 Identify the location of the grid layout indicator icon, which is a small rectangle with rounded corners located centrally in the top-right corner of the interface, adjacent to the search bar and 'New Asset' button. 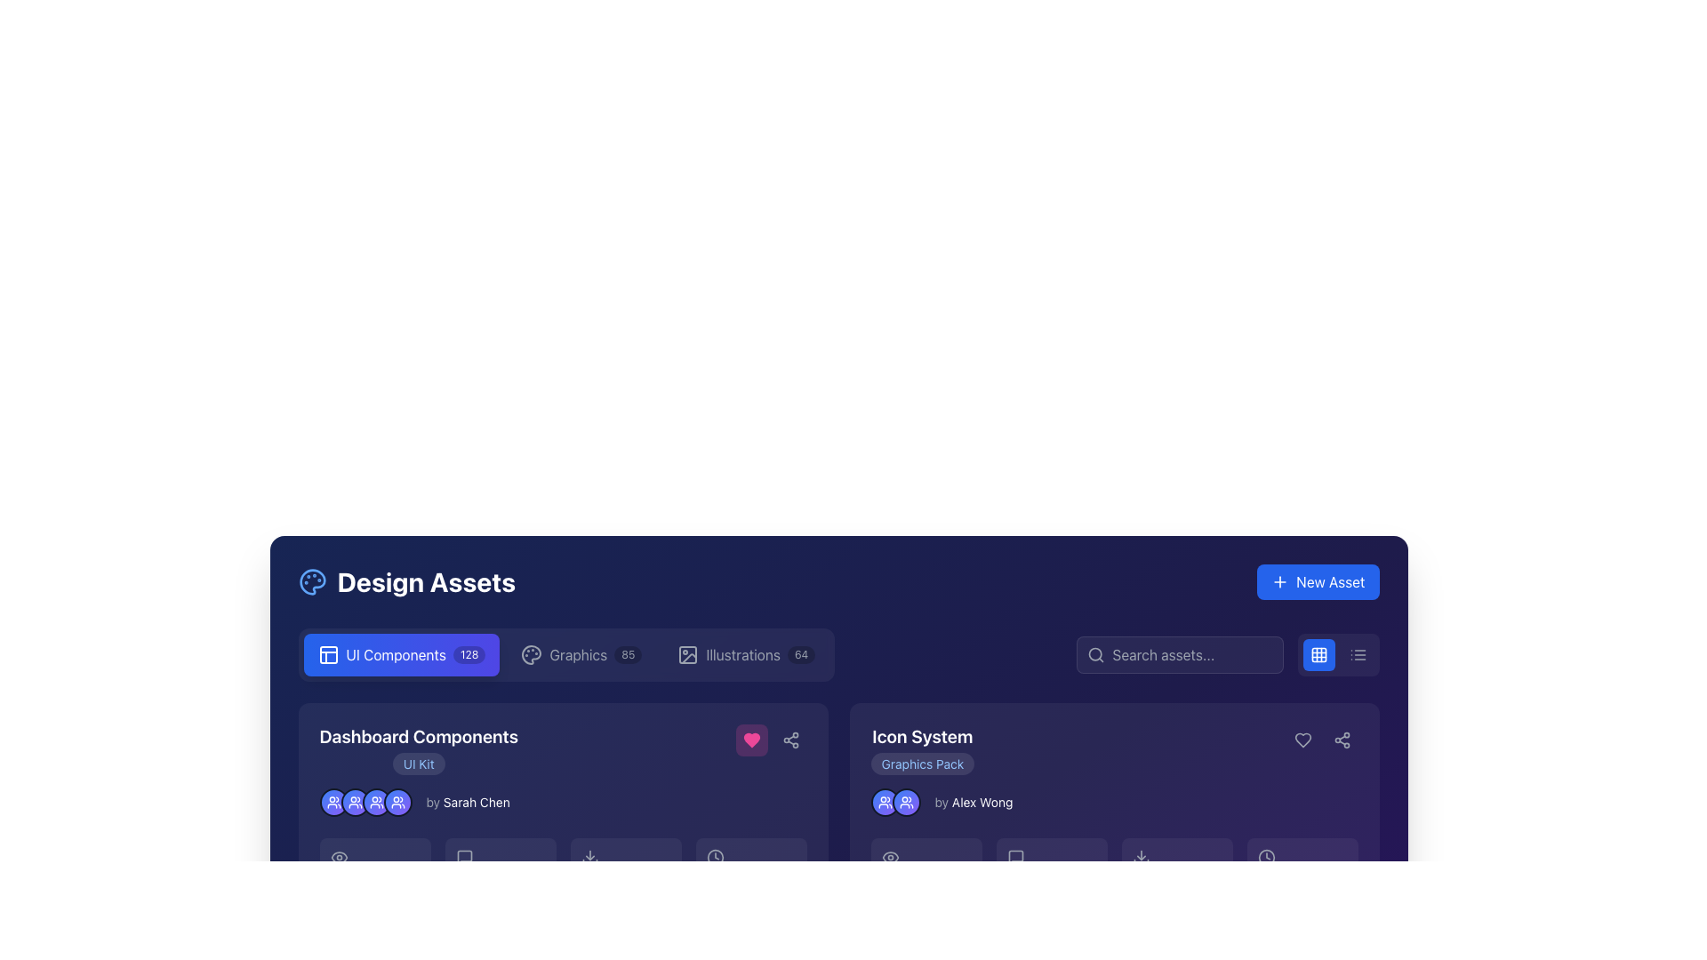
(1318, 654).